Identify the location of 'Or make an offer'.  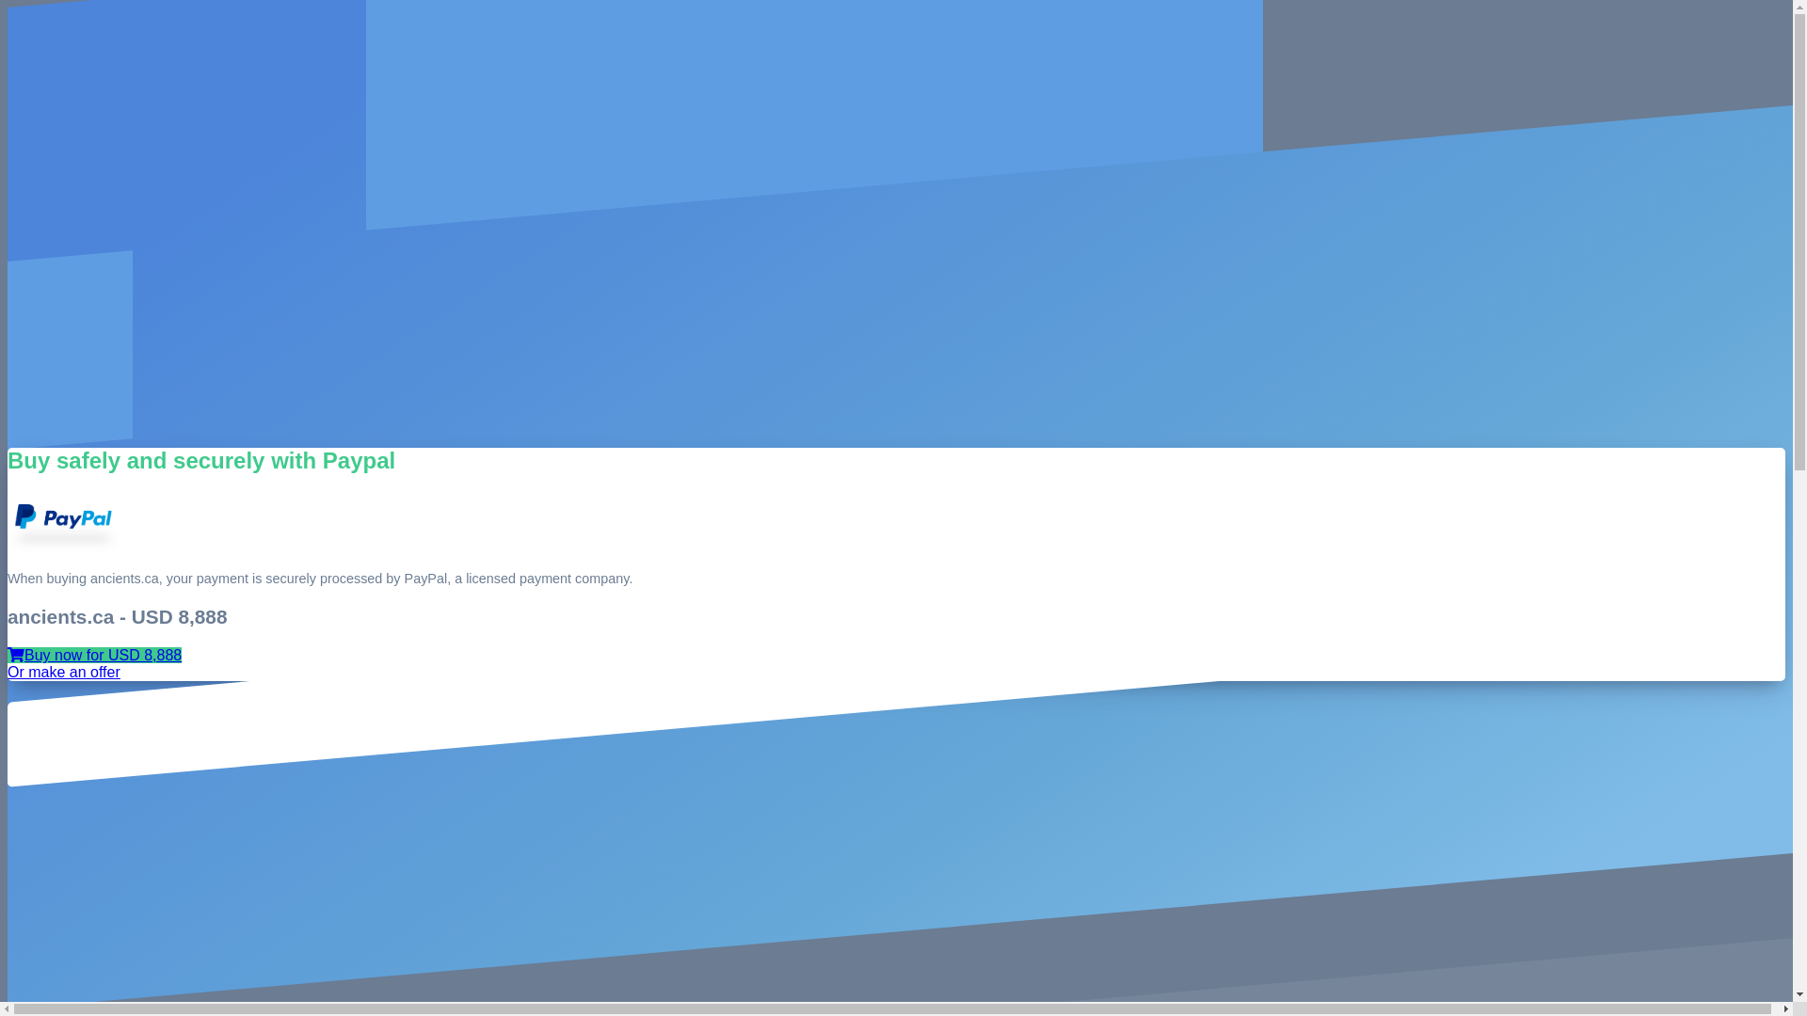
(63, 671).